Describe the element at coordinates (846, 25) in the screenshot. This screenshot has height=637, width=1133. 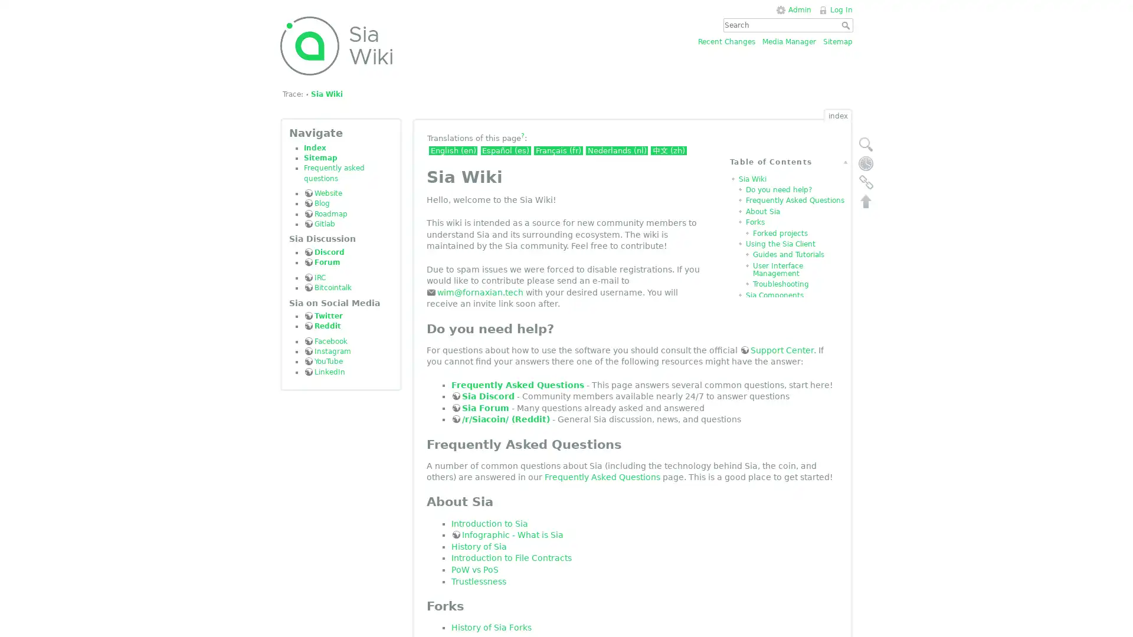
I see `Search` at that location.